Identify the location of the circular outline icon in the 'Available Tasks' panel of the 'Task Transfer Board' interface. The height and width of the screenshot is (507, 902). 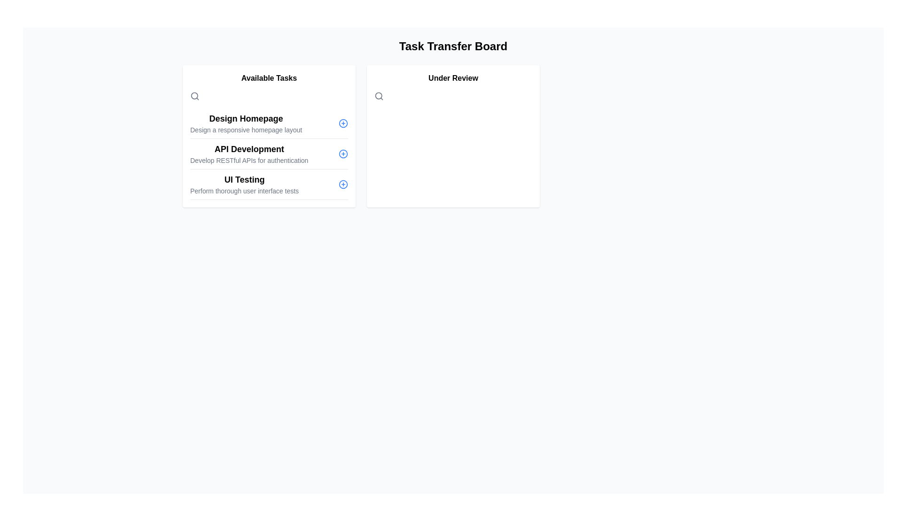
(342, 123).